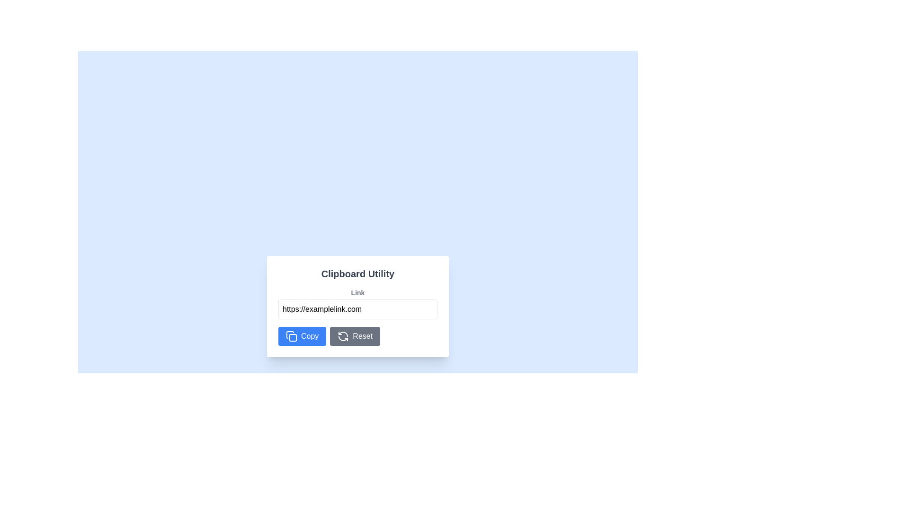  What do you see at coordinates (354, 335) in the screenshot?
I see `the 'Reset' button with rounded corners and a gray background, located at the bottom-right corner of the button group` at bounding box center [354, 335].